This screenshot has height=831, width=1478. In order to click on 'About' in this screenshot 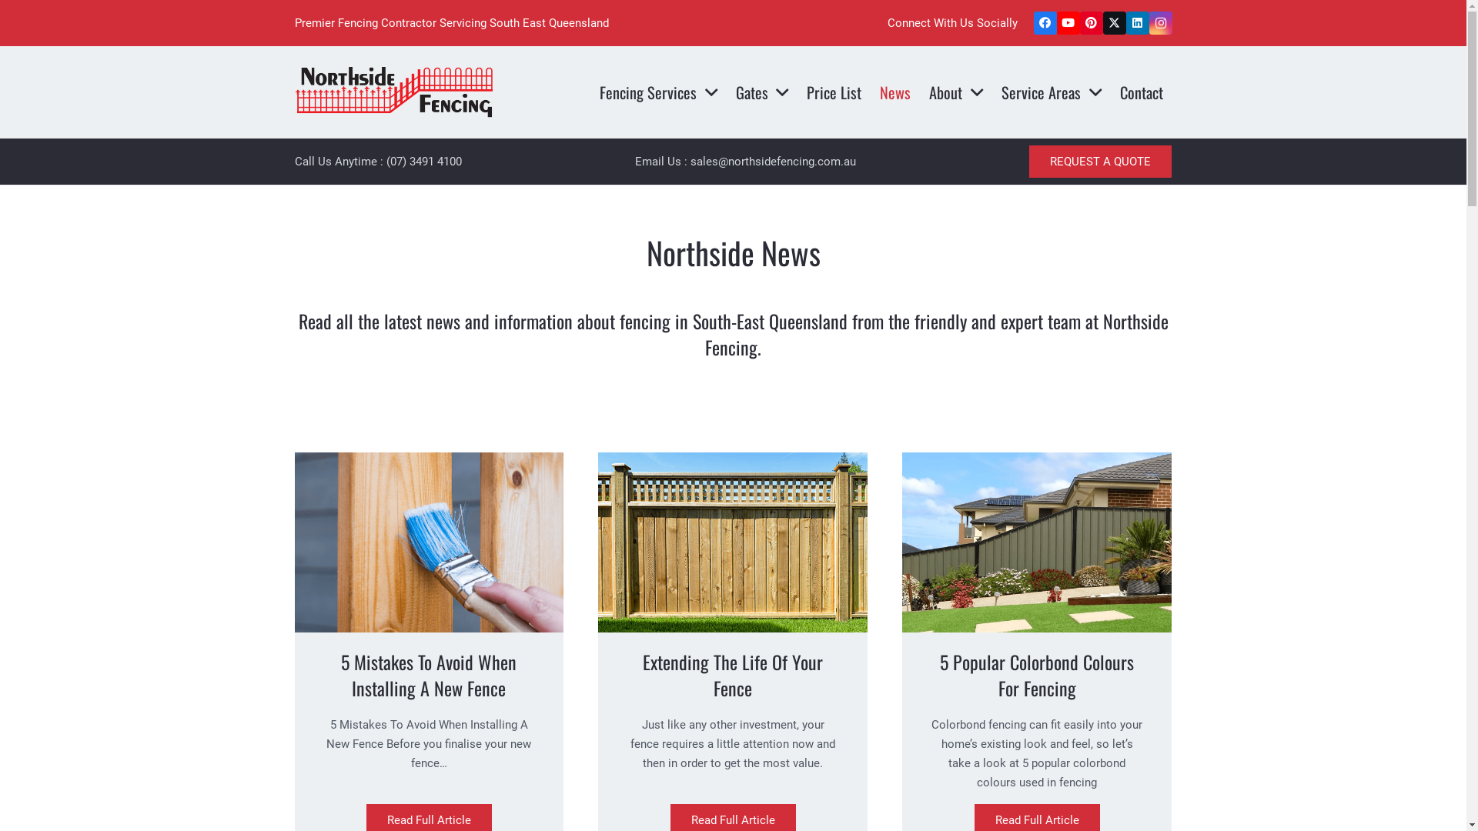, I will do `click(955, 92)`.